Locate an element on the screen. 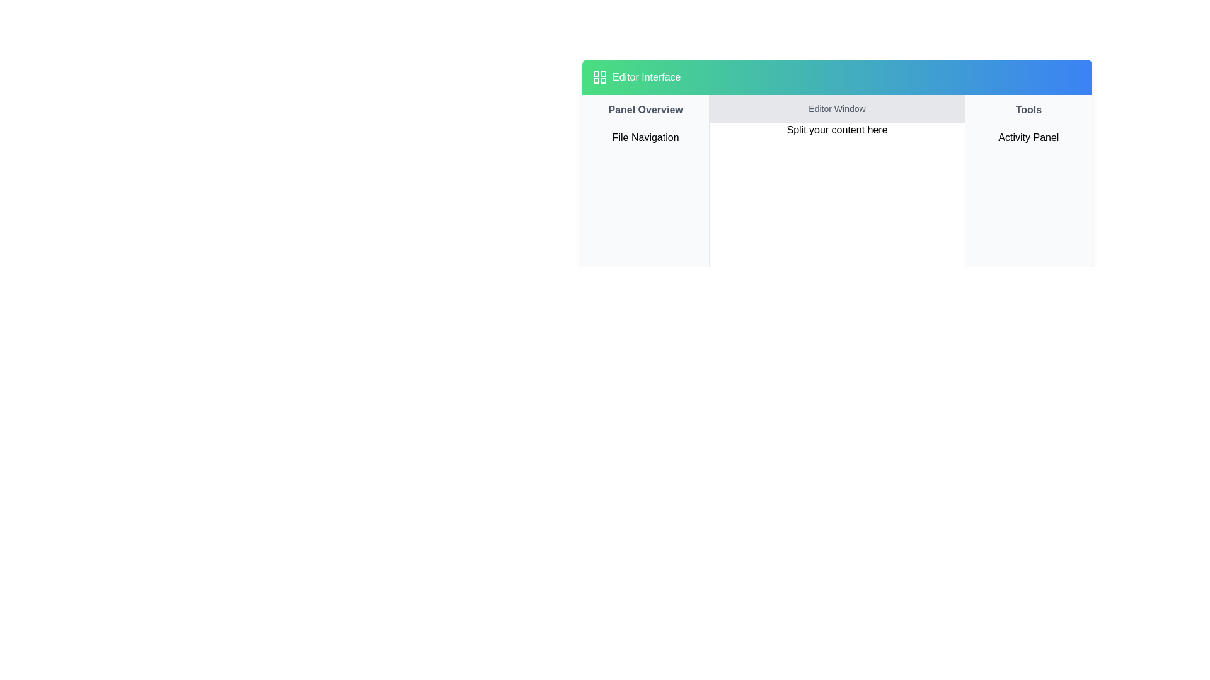 Image resolution: width=1210 pixels, height=680 pixels. text label located at the top bar of the rightmost panel, which identifies the purpose of the panel above the 'Activity Panel' is located at coordinates (1028, 109).